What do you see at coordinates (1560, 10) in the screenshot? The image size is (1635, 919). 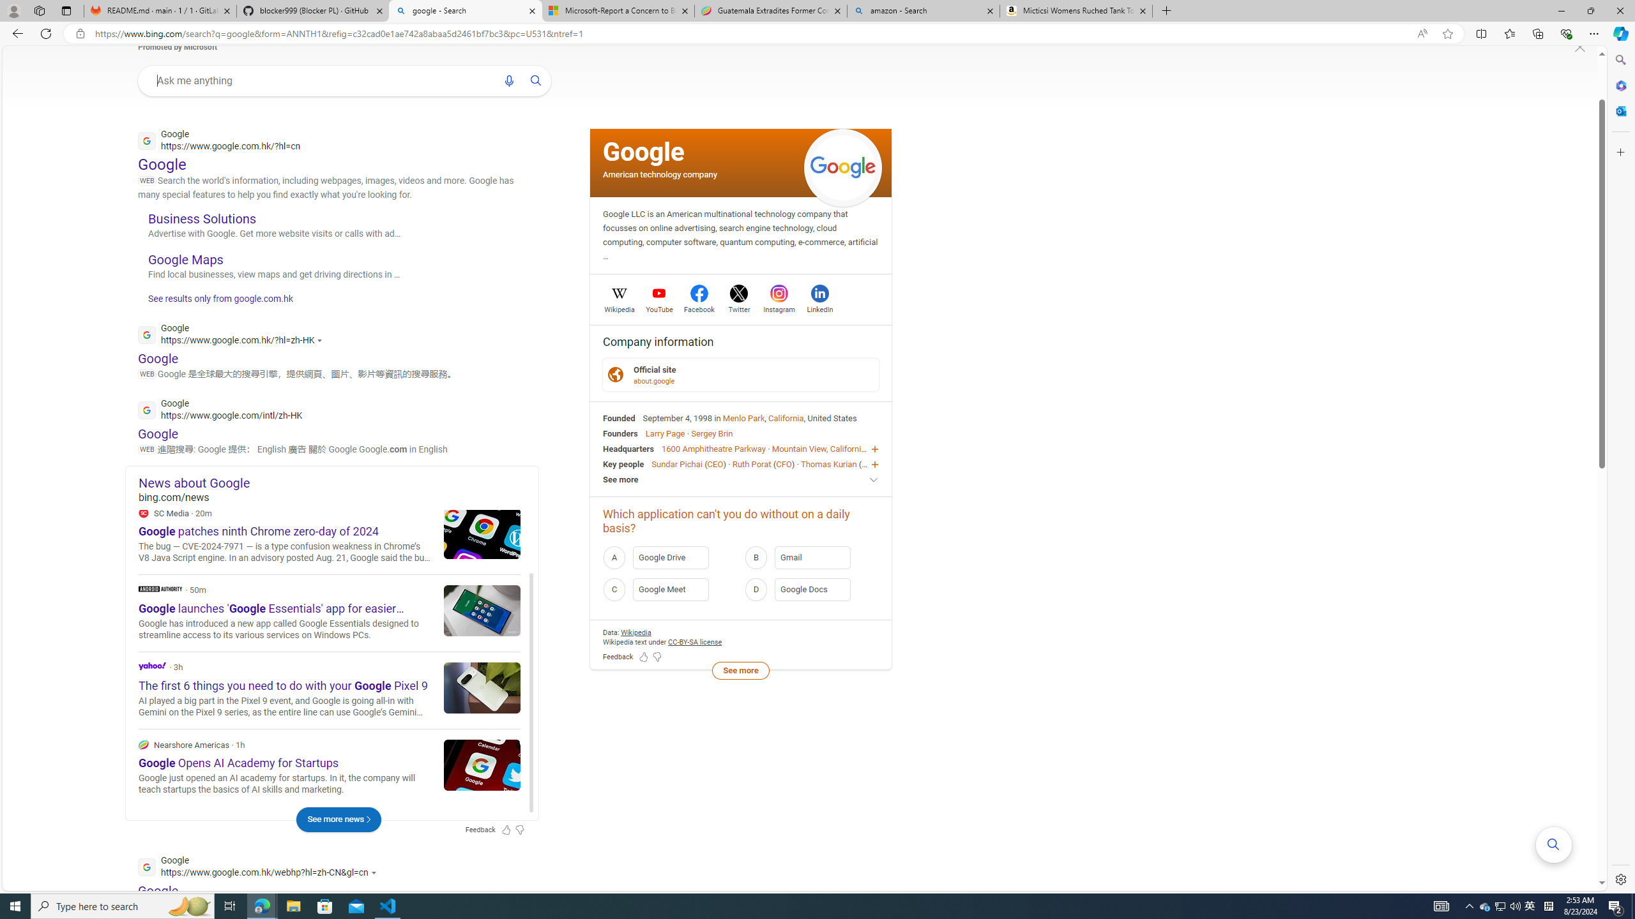 I see `'Minimize'` at bounding box center [1560, 10].